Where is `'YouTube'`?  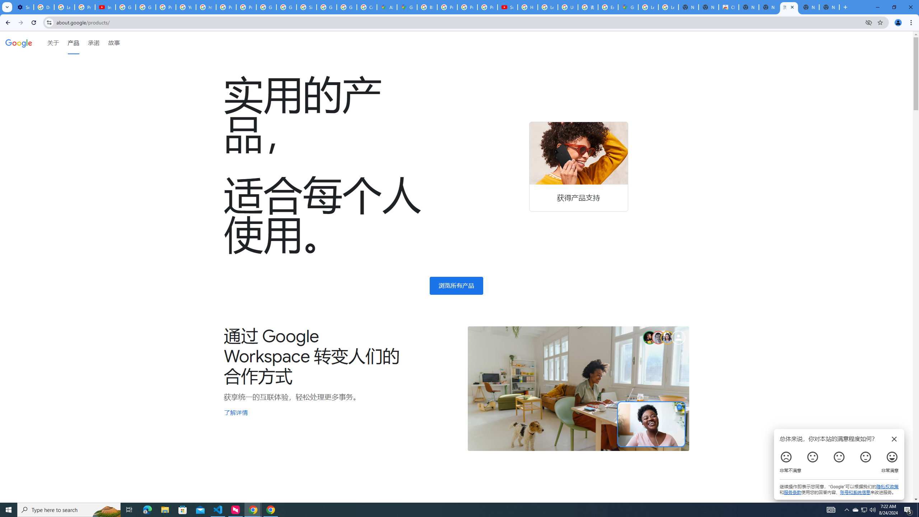 'YouTube' is located at coordinates (186, 7).